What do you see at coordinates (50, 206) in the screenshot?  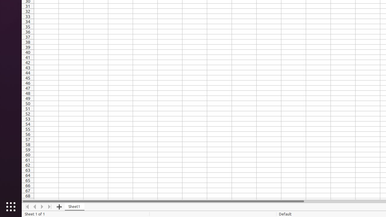 I see `'Move To End'` at bounding box center [50, 206].